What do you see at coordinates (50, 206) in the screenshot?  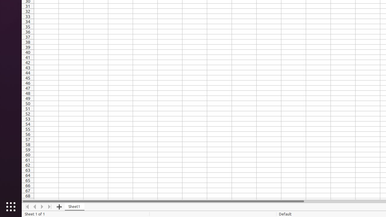 I see `'Move To End'` at bounding box center [50, 206].